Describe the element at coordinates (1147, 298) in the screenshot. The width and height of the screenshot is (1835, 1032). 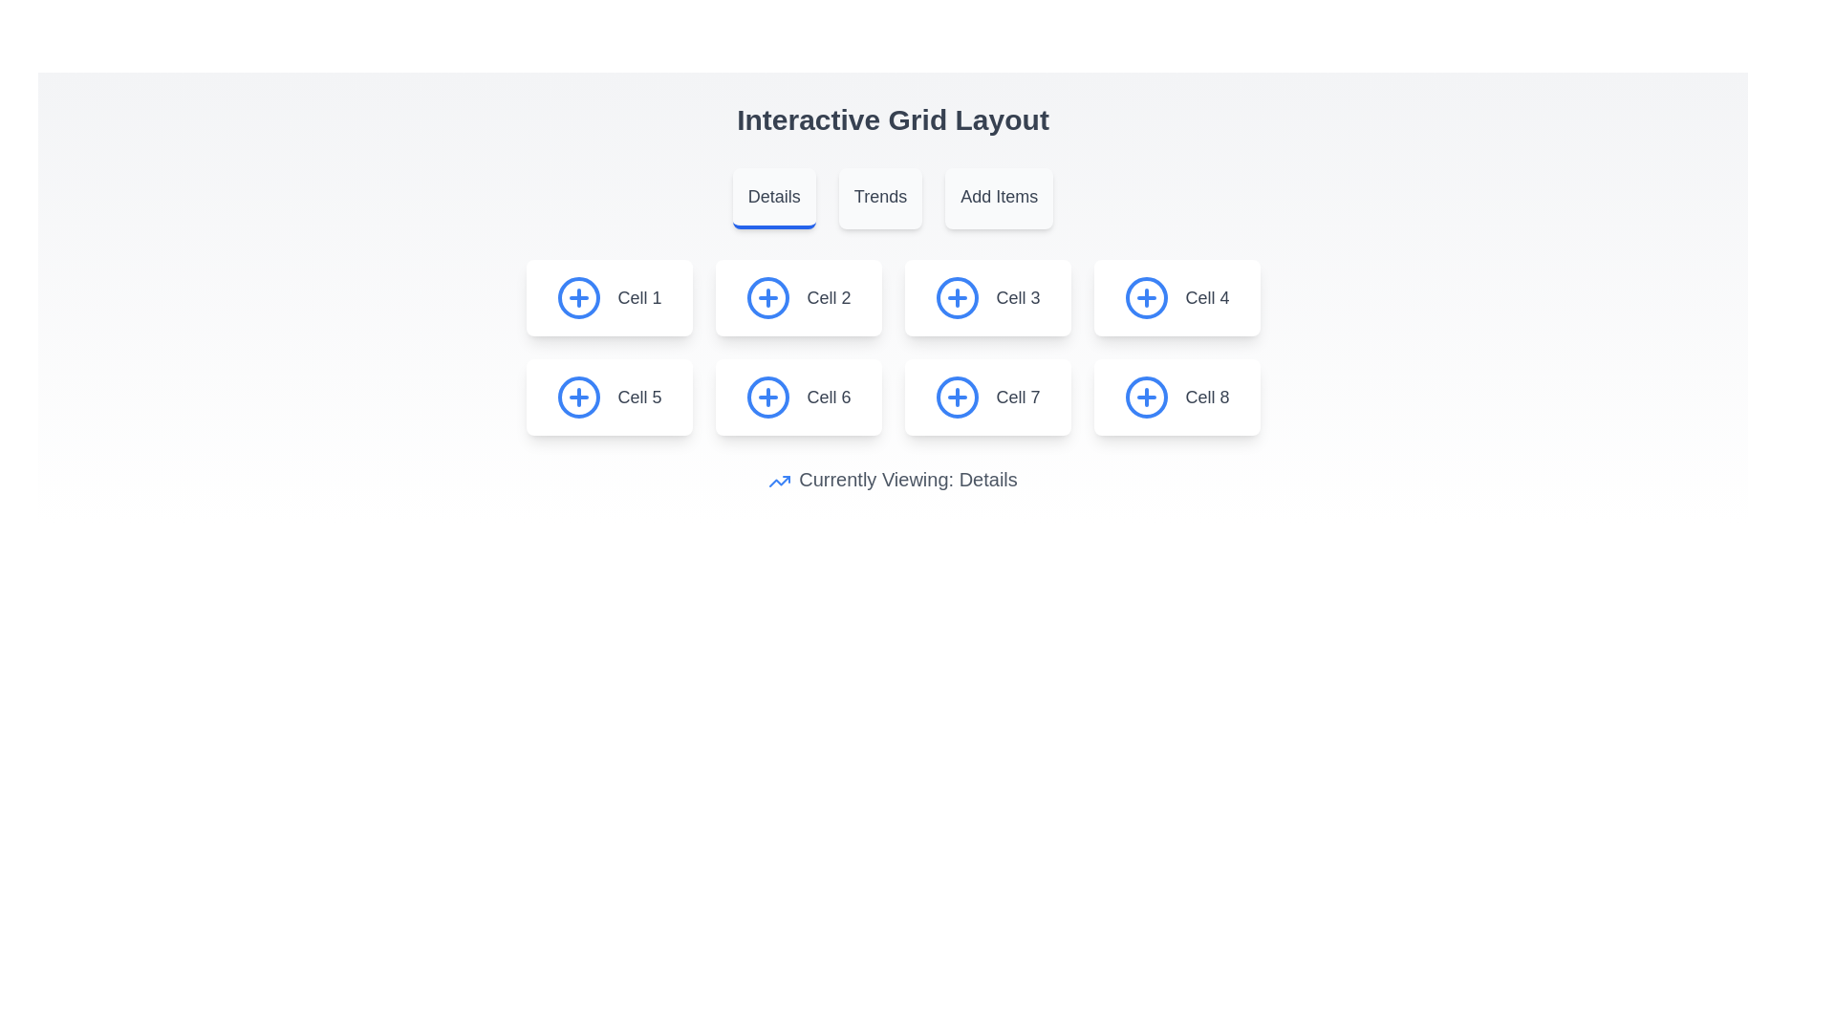
I see `the SVG graphic that serves as a visual indicator for adding or interacting with the content associated with 'Cell 4', located in the top-right quadrant of the grid layout` at that location.